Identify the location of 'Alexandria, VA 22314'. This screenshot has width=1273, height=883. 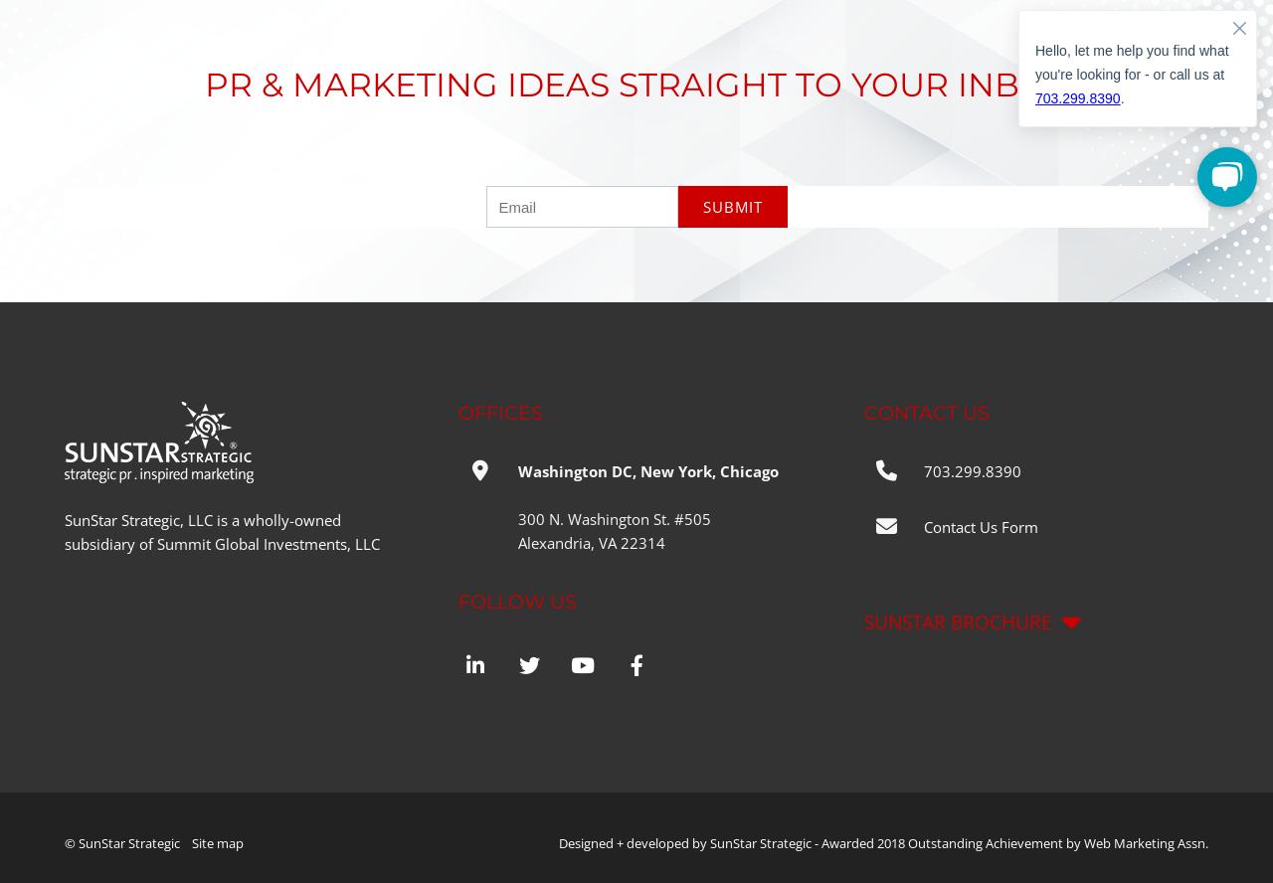
(590, 542).